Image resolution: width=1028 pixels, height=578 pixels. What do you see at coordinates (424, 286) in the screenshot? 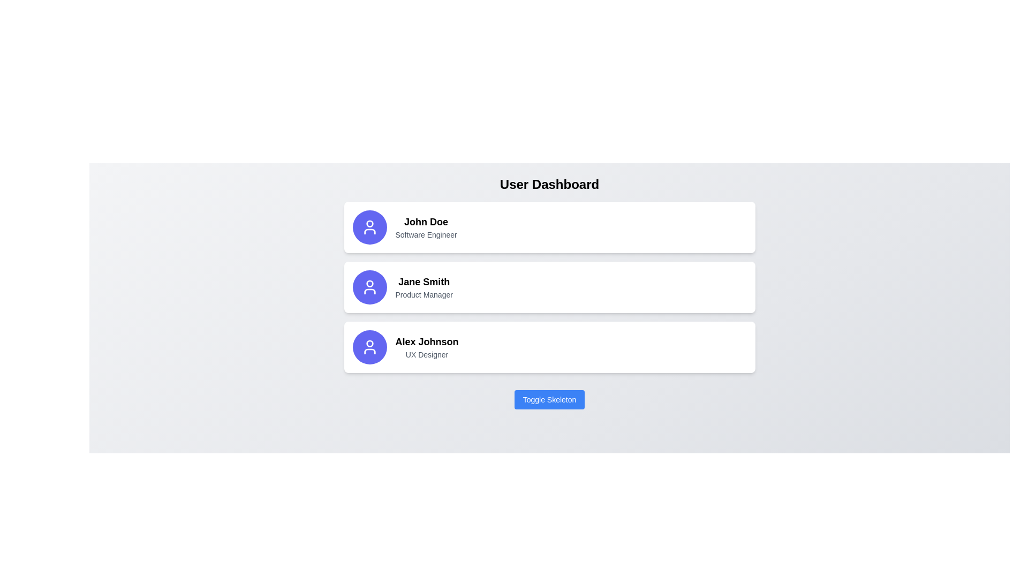
I see `the Text Display element showing 'Jane Smith' and 'Product Manager', located in the second row of user profile cards, directly below 'John Doe'` at bounding box center [424, 286].